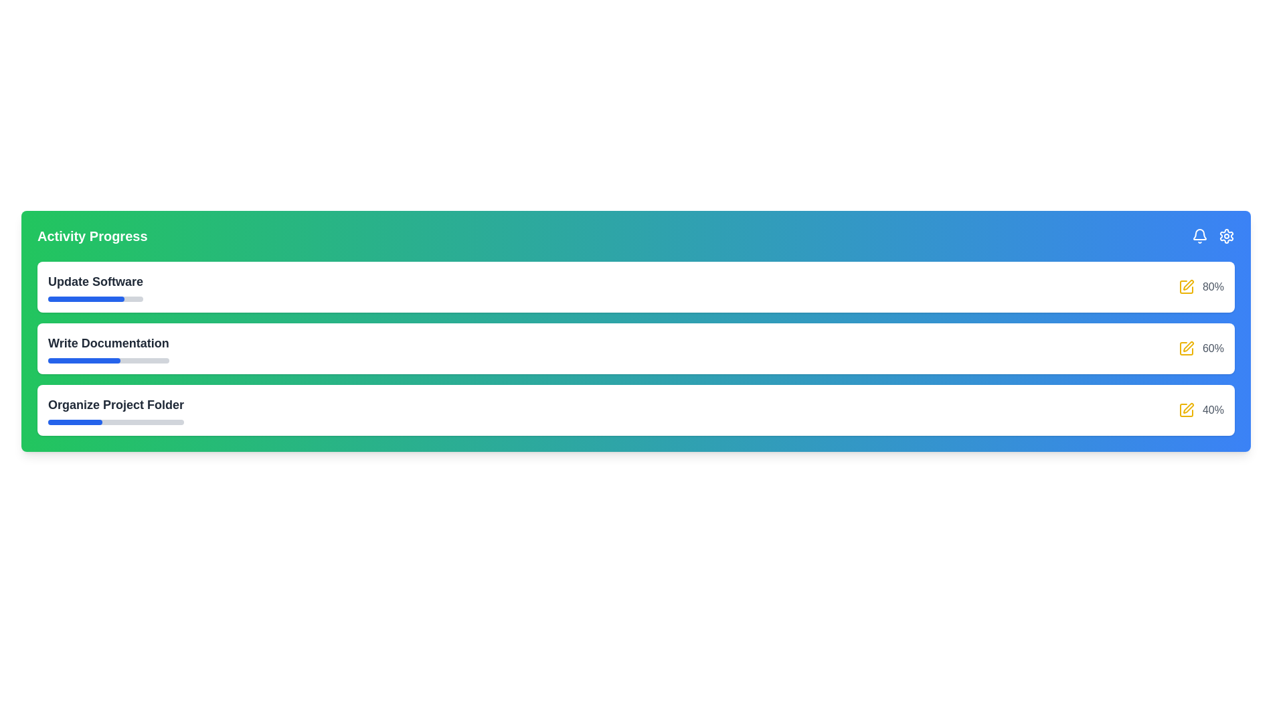  I want to click on the bell-shaped notification icon, which is the first icon in a row of controls on the top-right corner of the blue header bar, so click(1200, 236).